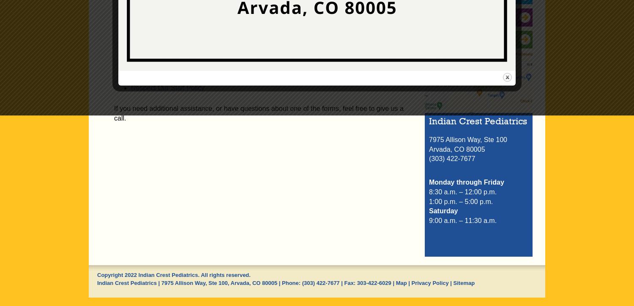 This screenshot has width=634, height=306. Describe the element at coordinates (256, 282) in the screenshot. I see `'CO'` at that location.